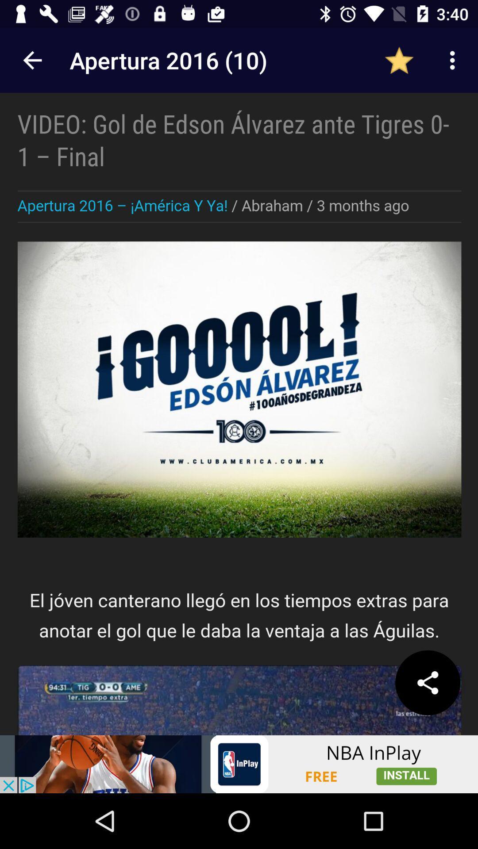  Describe the element at coordinates (239, 764) in the screenshot. I see `advertisement page` at that location.